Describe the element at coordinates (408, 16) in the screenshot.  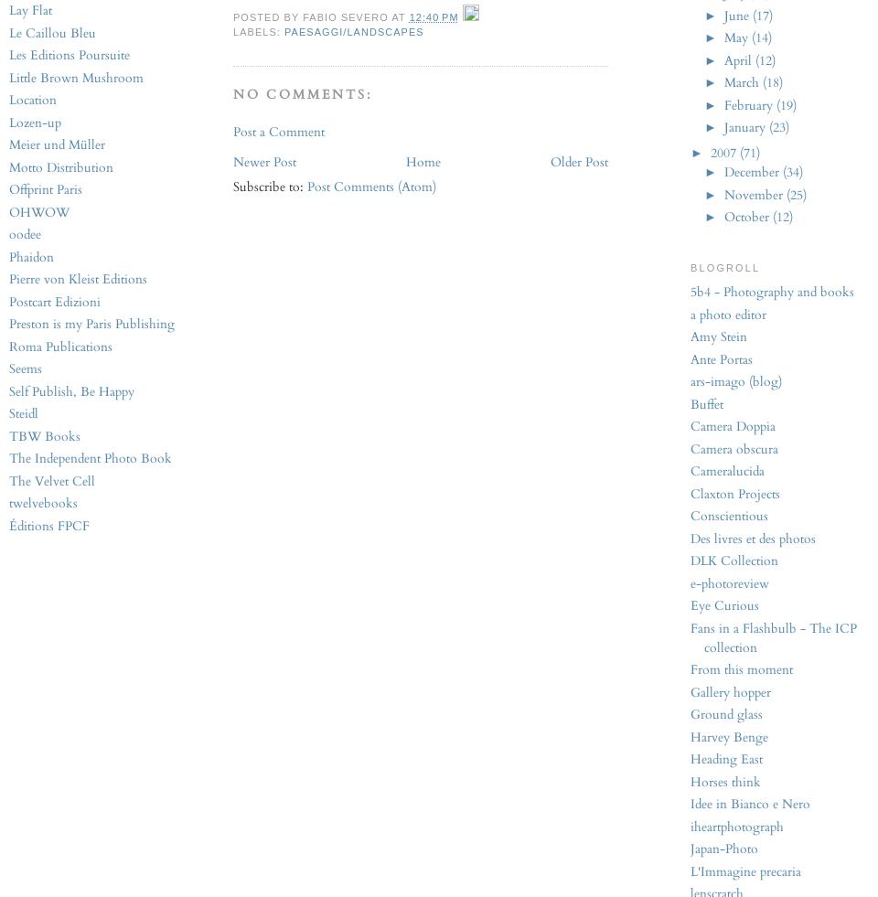
I see `'12:40 PM'` at that location.